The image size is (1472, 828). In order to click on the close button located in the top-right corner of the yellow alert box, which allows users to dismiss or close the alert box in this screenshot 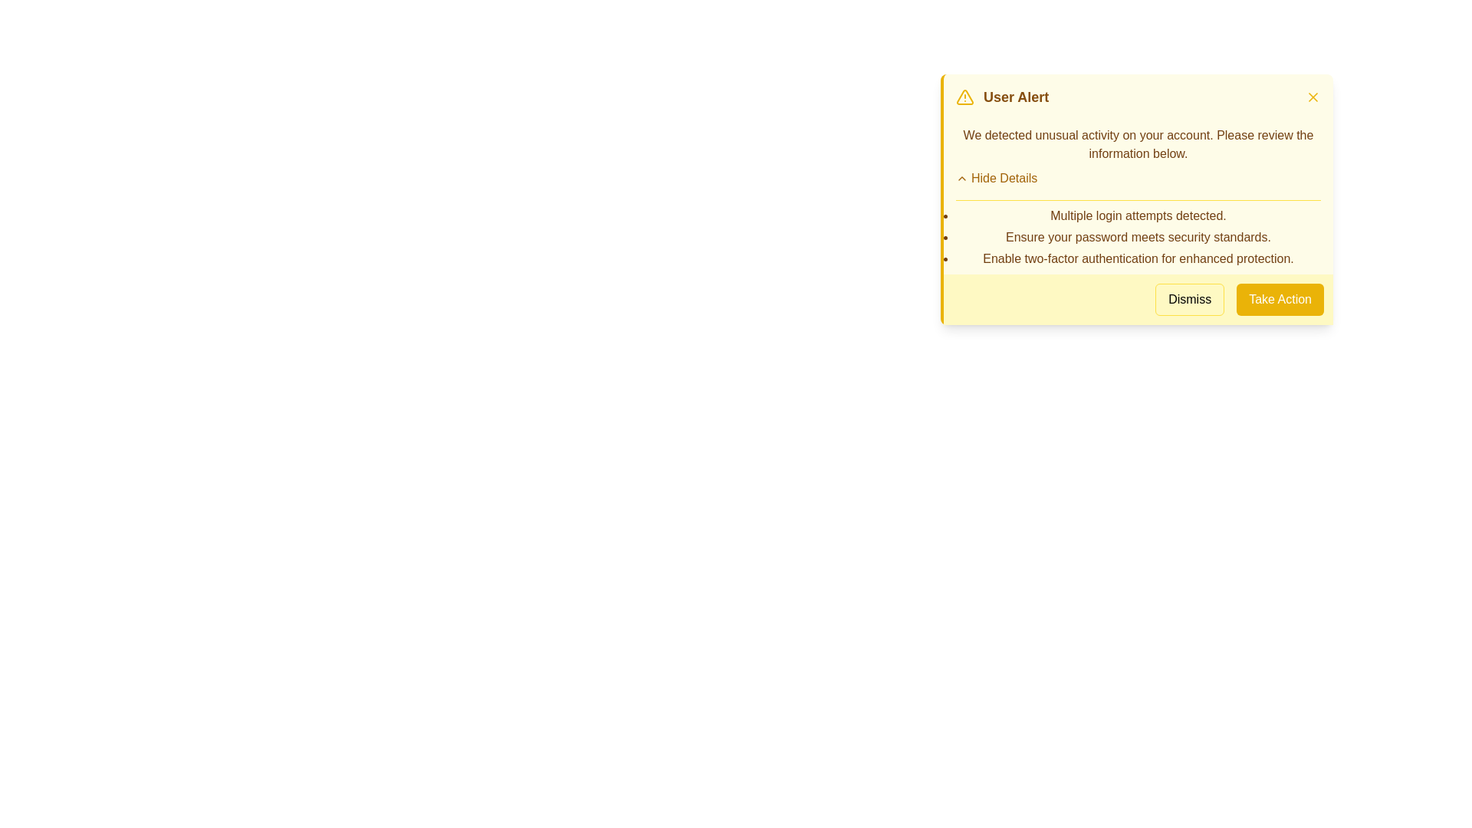, I will do `click(1313, 97)`.